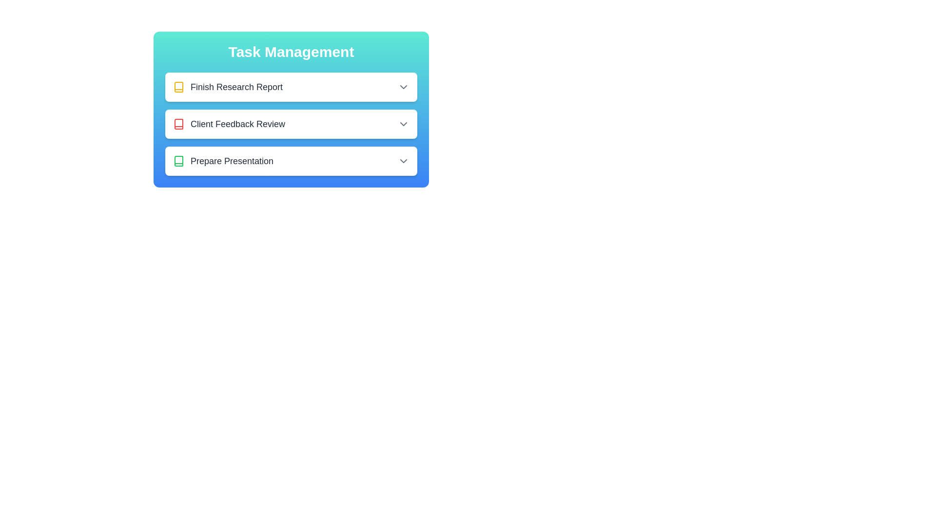 The image size is (936, 526). What do you see at coordinates (404, 123) in the screenshot?
I see `the dropdown button for the task titled Client Feedback Review to toggle its details` at bounding box center [404, 123].